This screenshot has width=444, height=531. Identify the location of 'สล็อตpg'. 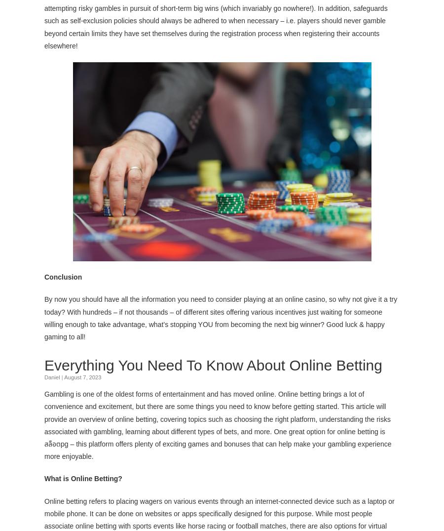
(56, 442).